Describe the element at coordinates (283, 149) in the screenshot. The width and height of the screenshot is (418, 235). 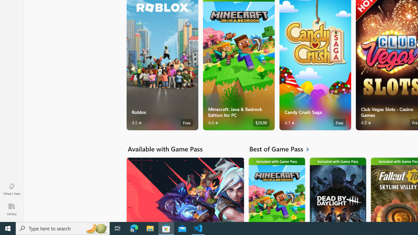
I see `'See all  Best of Game Pass'` at that location.